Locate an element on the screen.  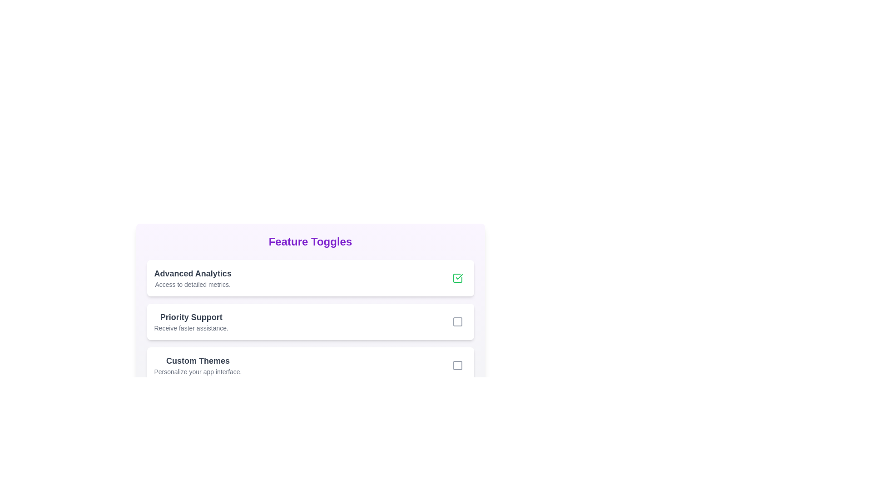
the checkbox with a green checkmark icon located at the right side of the 'Advanced Analytics' card is located at coordinates (457, 278).